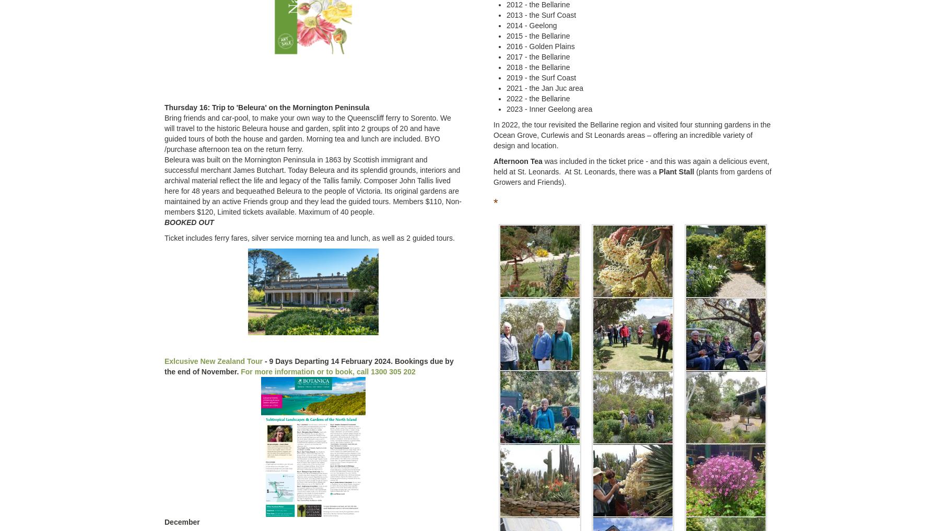 The height and width of the screenshot is (531, 940). Describe the element at coordinates (545, 87) in the screenshot. I see `'2021 - the Jan Juc area'` at that location.